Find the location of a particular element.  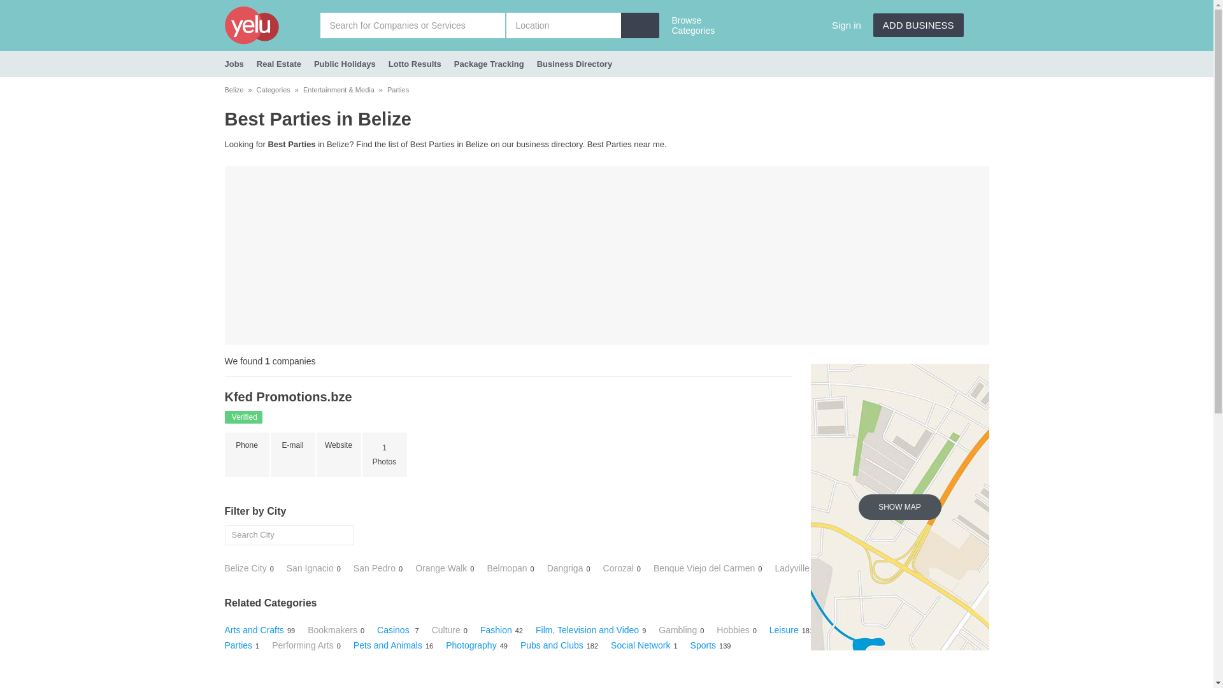

'Photography' is located at coordinates (470, 645).